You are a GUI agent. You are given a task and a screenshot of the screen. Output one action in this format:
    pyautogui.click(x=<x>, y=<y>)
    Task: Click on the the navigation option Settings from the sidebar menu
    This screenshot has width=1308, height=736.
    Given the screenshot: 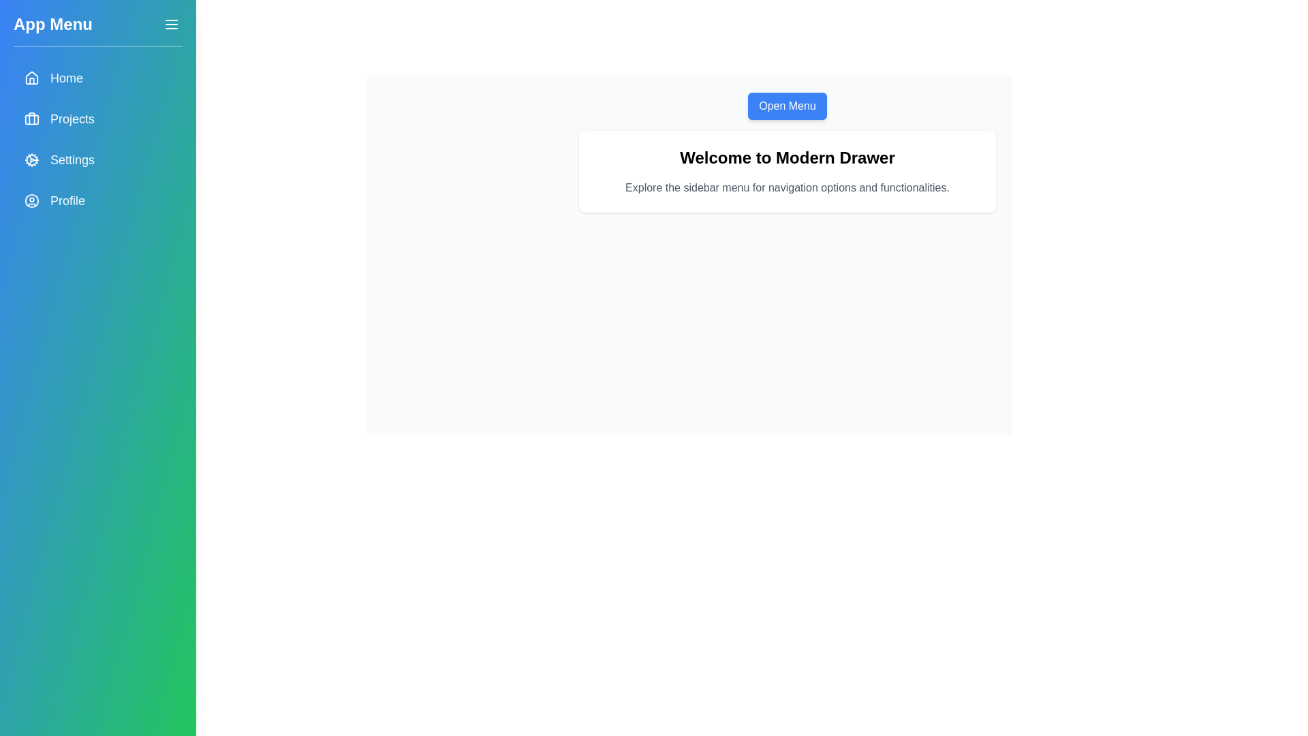 What is the action you would take?
    pyautogui.click(x=97, y=159)
    